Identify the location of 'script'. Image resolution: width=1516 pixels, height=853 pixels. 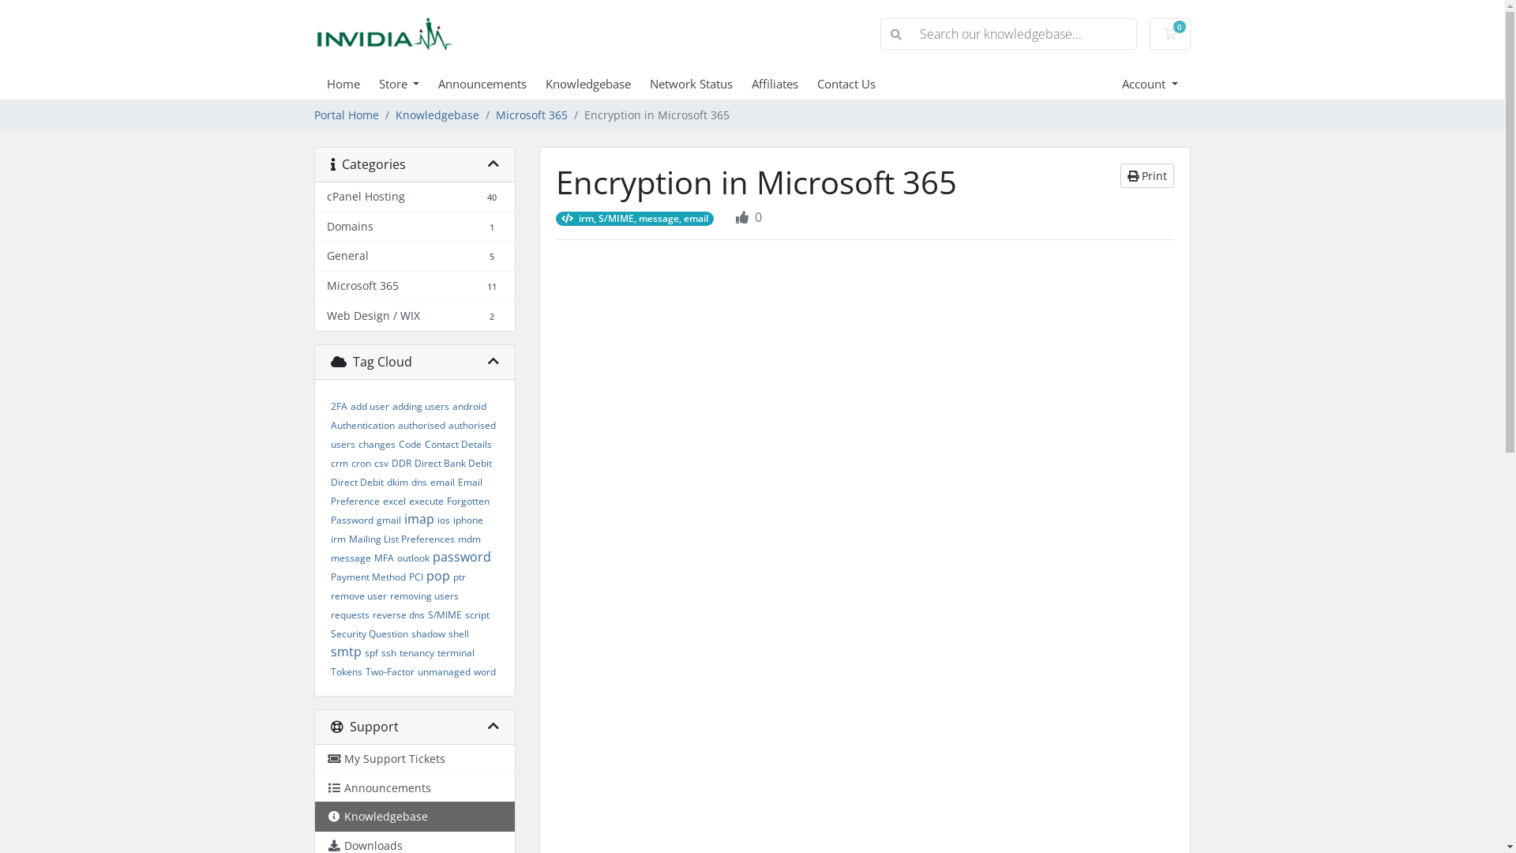
(475, 614).